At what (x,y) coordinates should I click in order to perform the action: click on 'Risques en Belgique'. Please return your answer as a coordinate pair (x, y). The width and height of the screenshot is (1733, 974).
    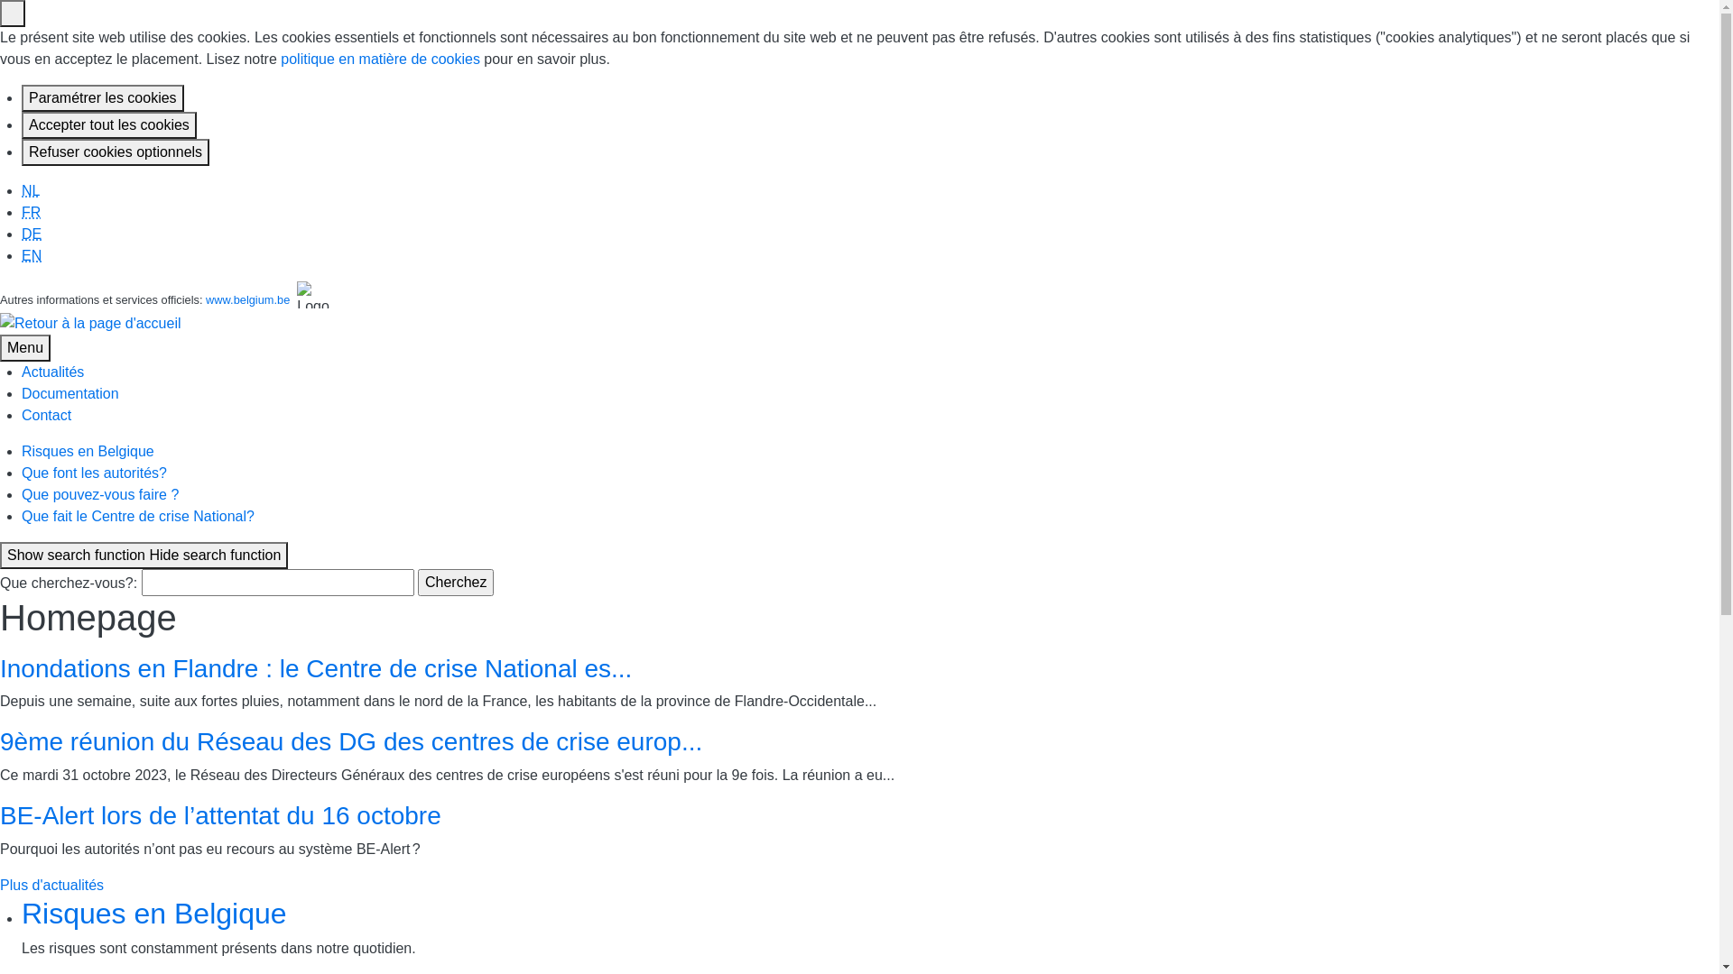
    Looking at the image, I should click on (154, 914).